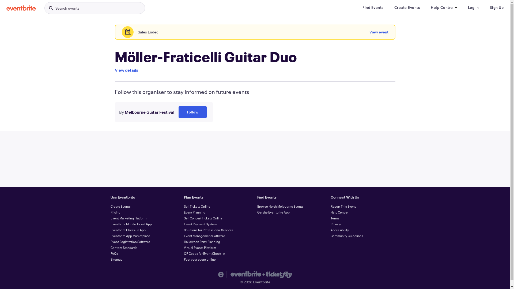 This screenshot has height=289, width=514. Describe the element at coordinates (199, 259) in the screenshot. I see `'Post your event online'` at that location.